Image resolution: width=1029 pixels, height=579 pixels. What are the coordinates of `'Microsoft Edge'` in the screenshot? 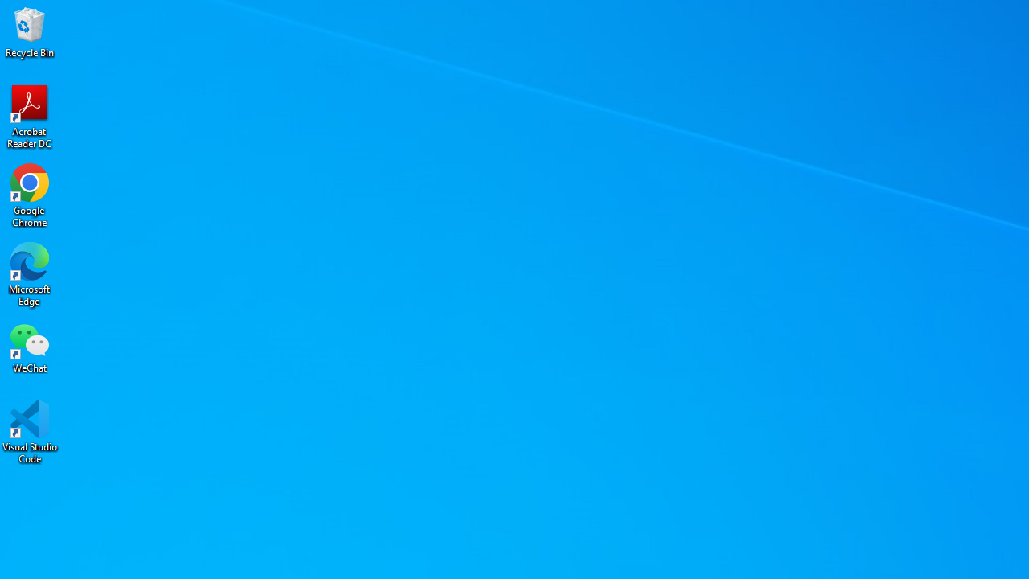 It's located at (30, 273).